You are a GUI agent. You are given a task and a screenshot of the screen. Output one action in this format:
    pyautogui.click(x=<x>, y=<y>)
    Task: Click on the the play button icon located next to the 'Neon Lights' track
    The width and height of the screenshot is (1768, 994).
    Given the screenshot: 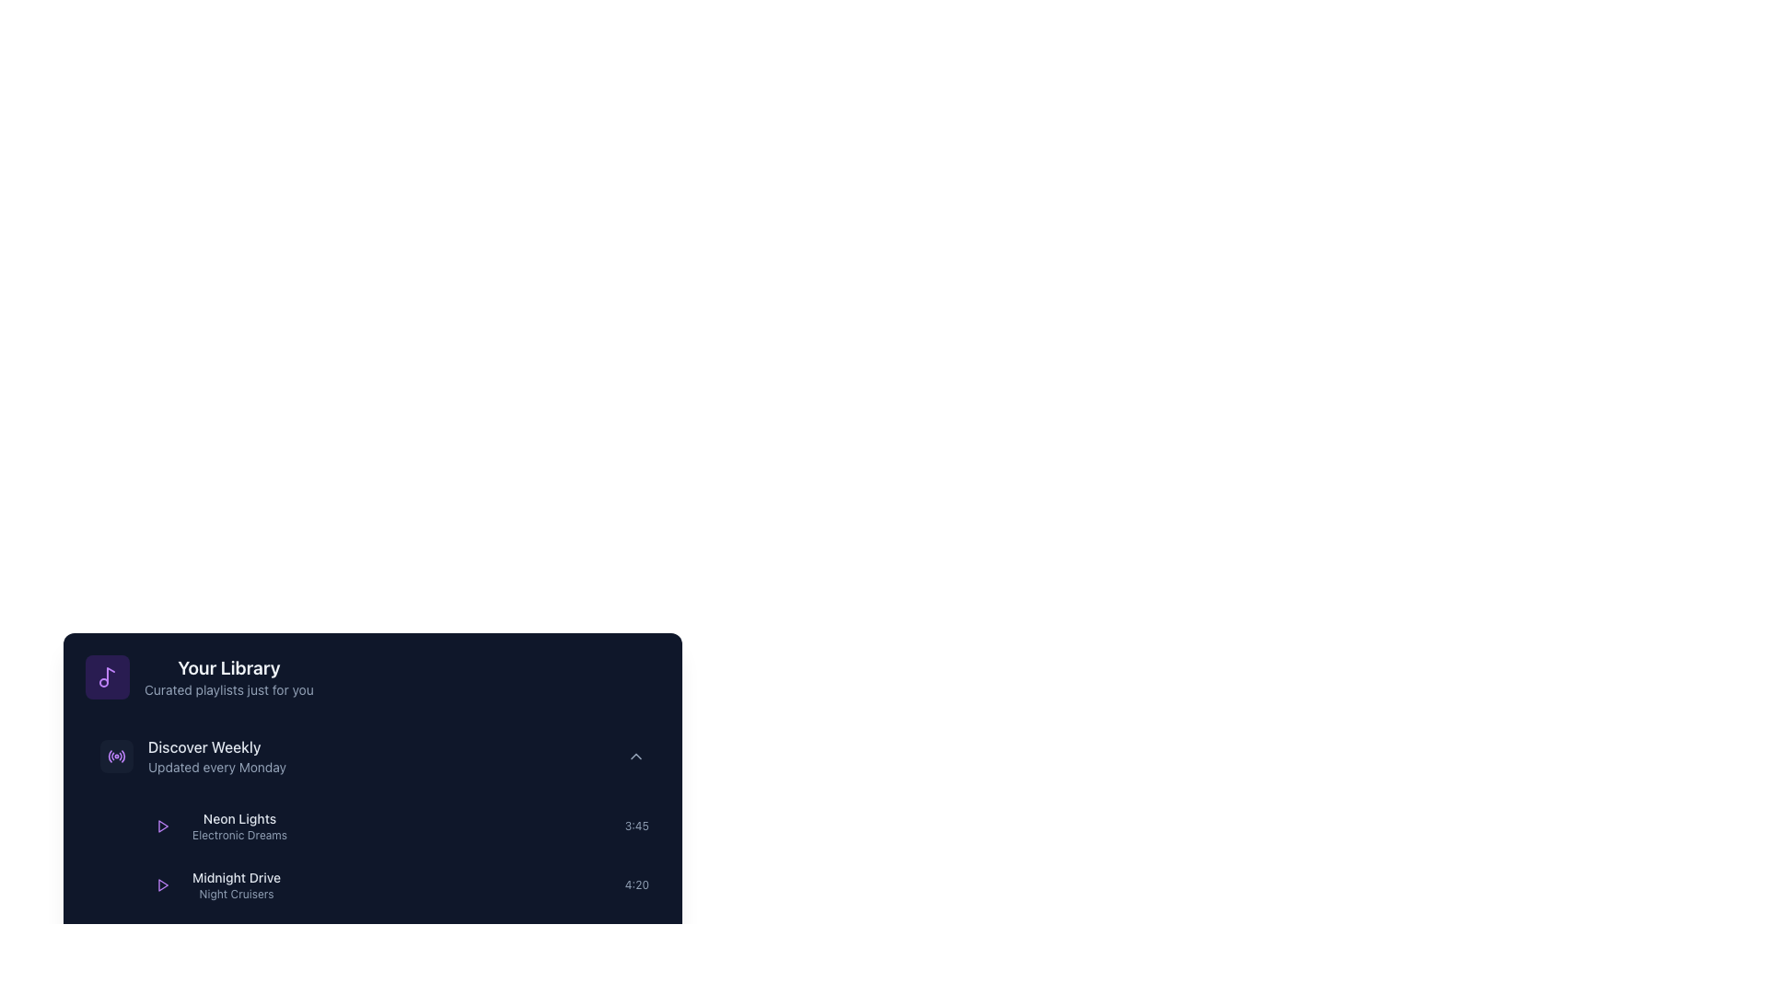 What is the action you would take?
    pyautogui.click(x=163, y=826)
    